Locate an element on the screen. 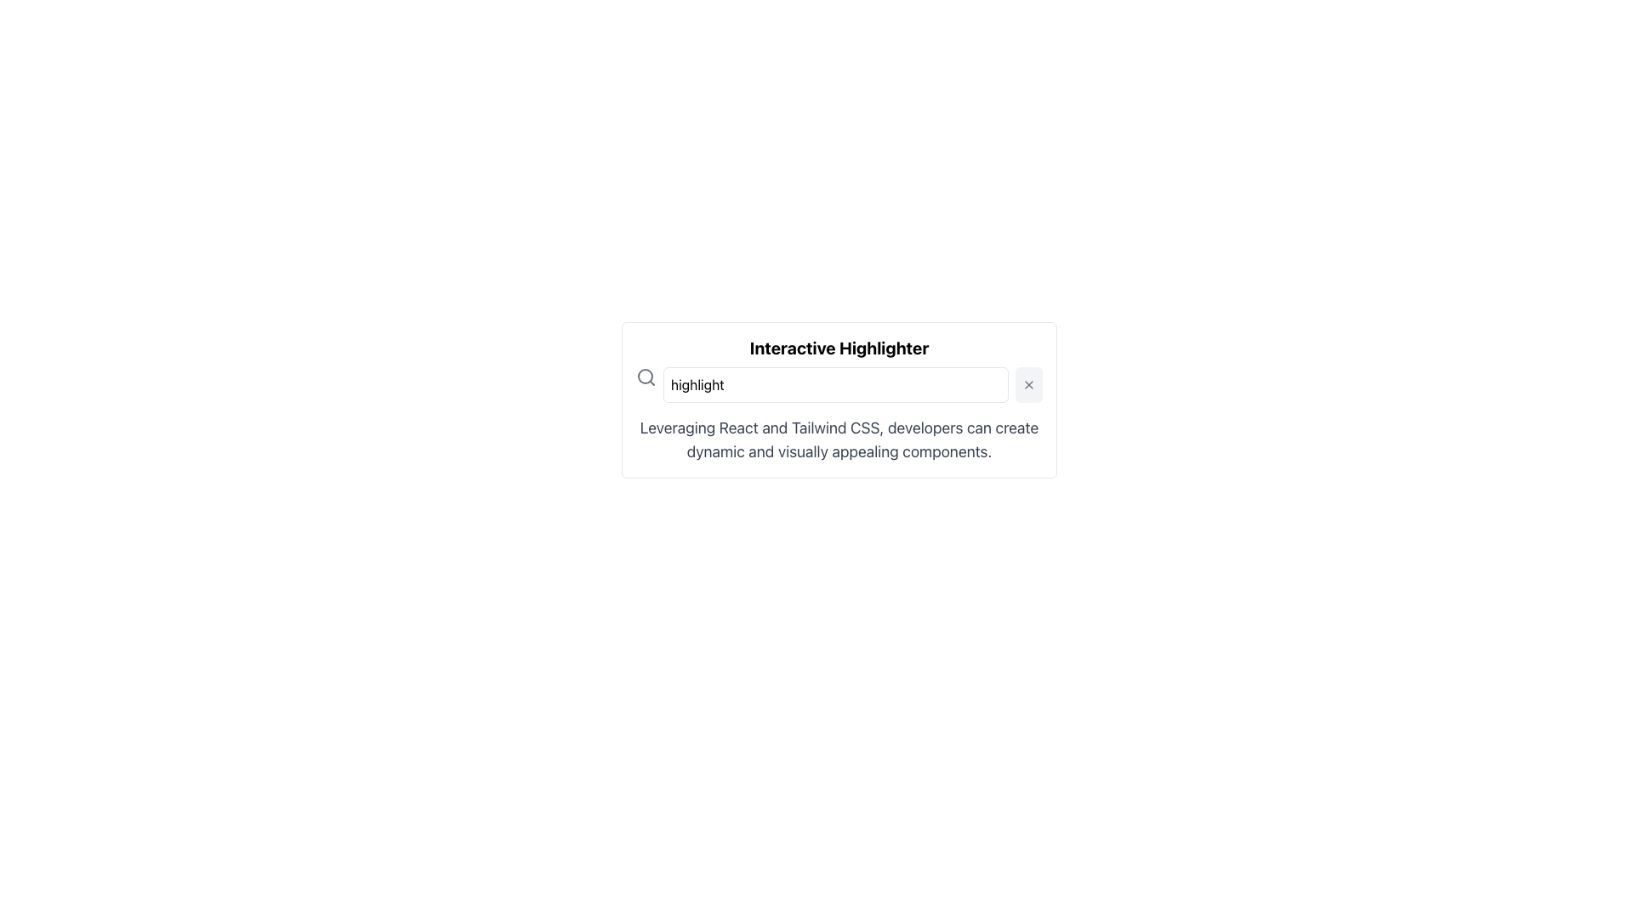  the small square button with a light gray background and an 'X' icon is located at coordinates (1027, 384).